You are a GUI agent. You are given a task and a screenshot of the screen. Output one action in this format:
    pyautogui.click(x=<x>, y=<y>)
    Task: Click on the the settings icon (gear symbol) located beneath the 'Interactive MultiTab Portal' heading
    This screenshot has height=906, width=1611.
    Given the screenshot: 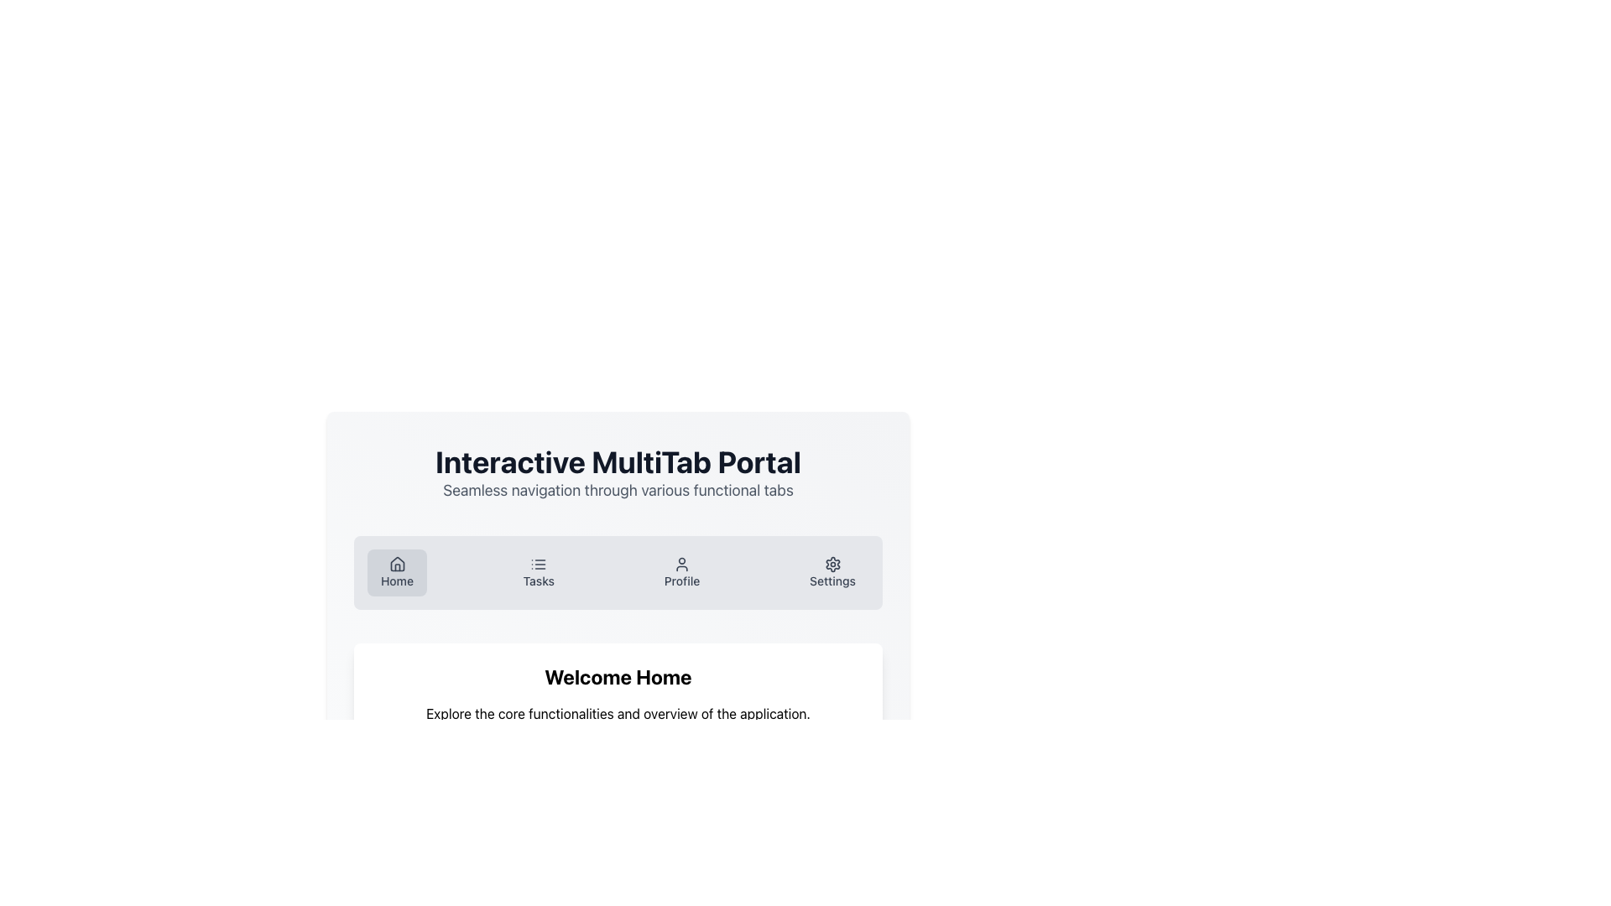 What is the action you would take?
    pyautogui.click(x=832, y=564)
    